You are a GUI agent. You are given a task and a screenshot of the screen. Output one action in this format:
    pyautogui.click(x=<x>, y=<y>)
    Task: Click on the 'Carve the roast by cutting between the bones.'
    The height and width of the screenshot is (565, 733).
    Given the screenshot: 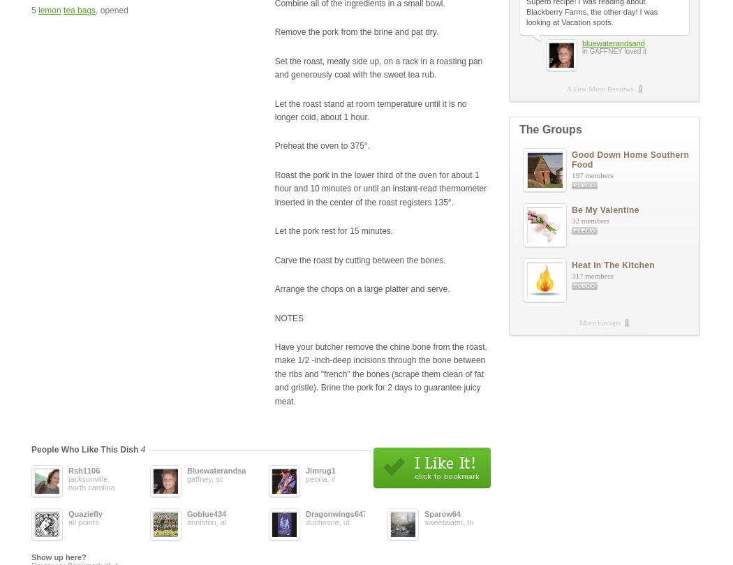 What is the action you would take?
    pyautogui.click(x=359, y=259)
    